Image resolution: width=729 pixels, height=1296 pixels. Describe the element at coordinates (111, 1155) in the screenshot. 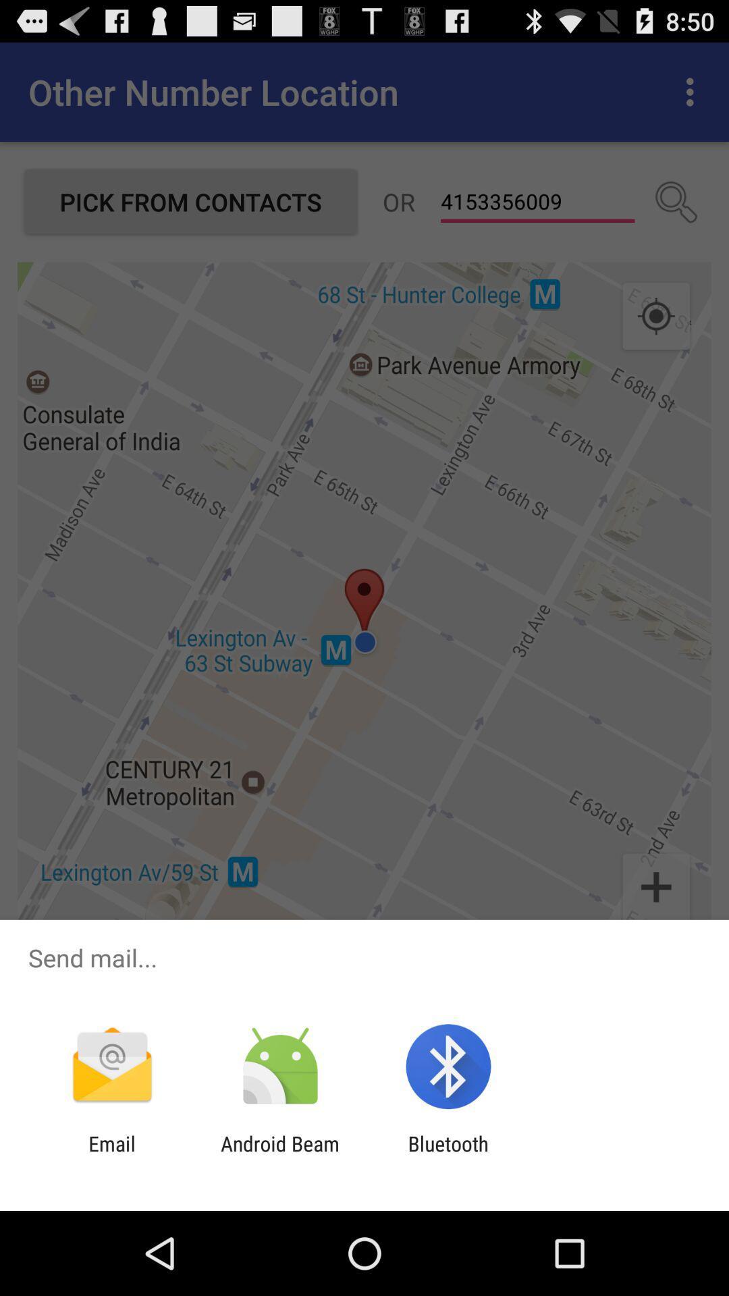

I see `icon next to android beam icon` at that location.